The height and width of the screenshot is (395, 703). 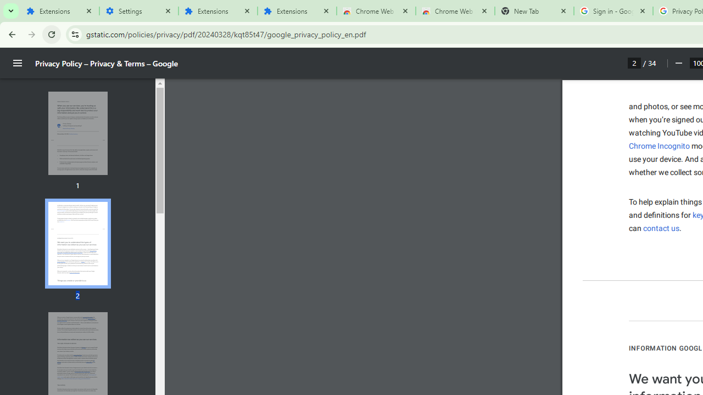 What do you see at coordinates (678, 63) in the screenshot?
I see `'Zoom out'` at bounding box center [678, 63].